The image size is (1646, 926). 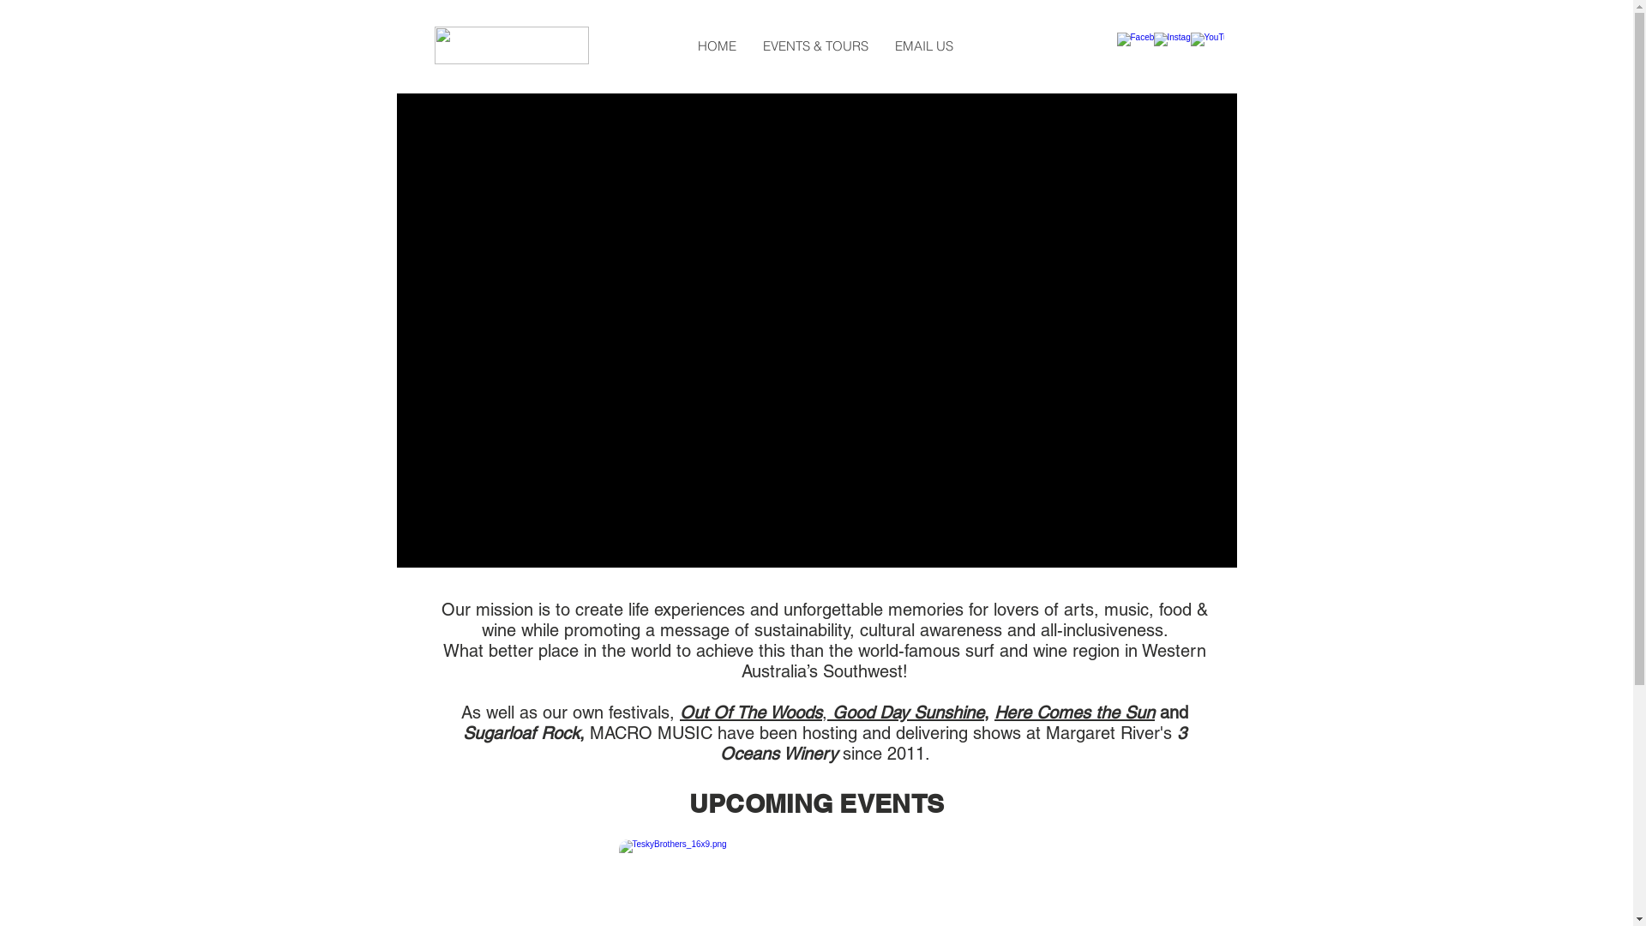 What do you see at coordinates (1073, 712) in the screenshot?
I see `'Here Comes the Sun'` at bounding box center [1073, 712].